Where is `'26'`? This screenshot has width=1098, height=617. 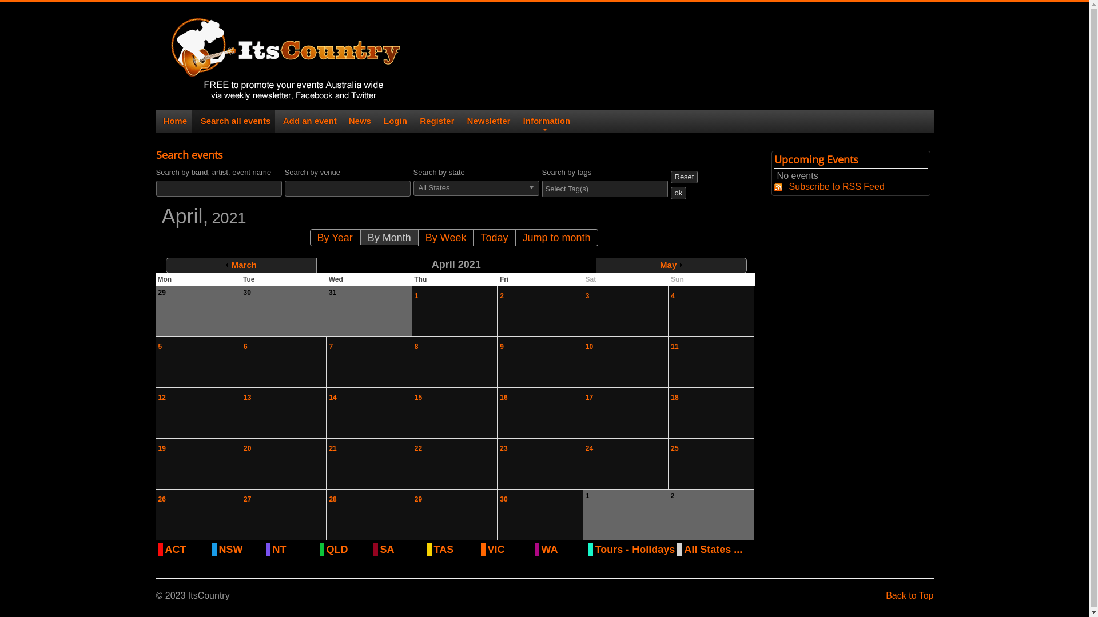
'26' is located at coordinates (157, 499).